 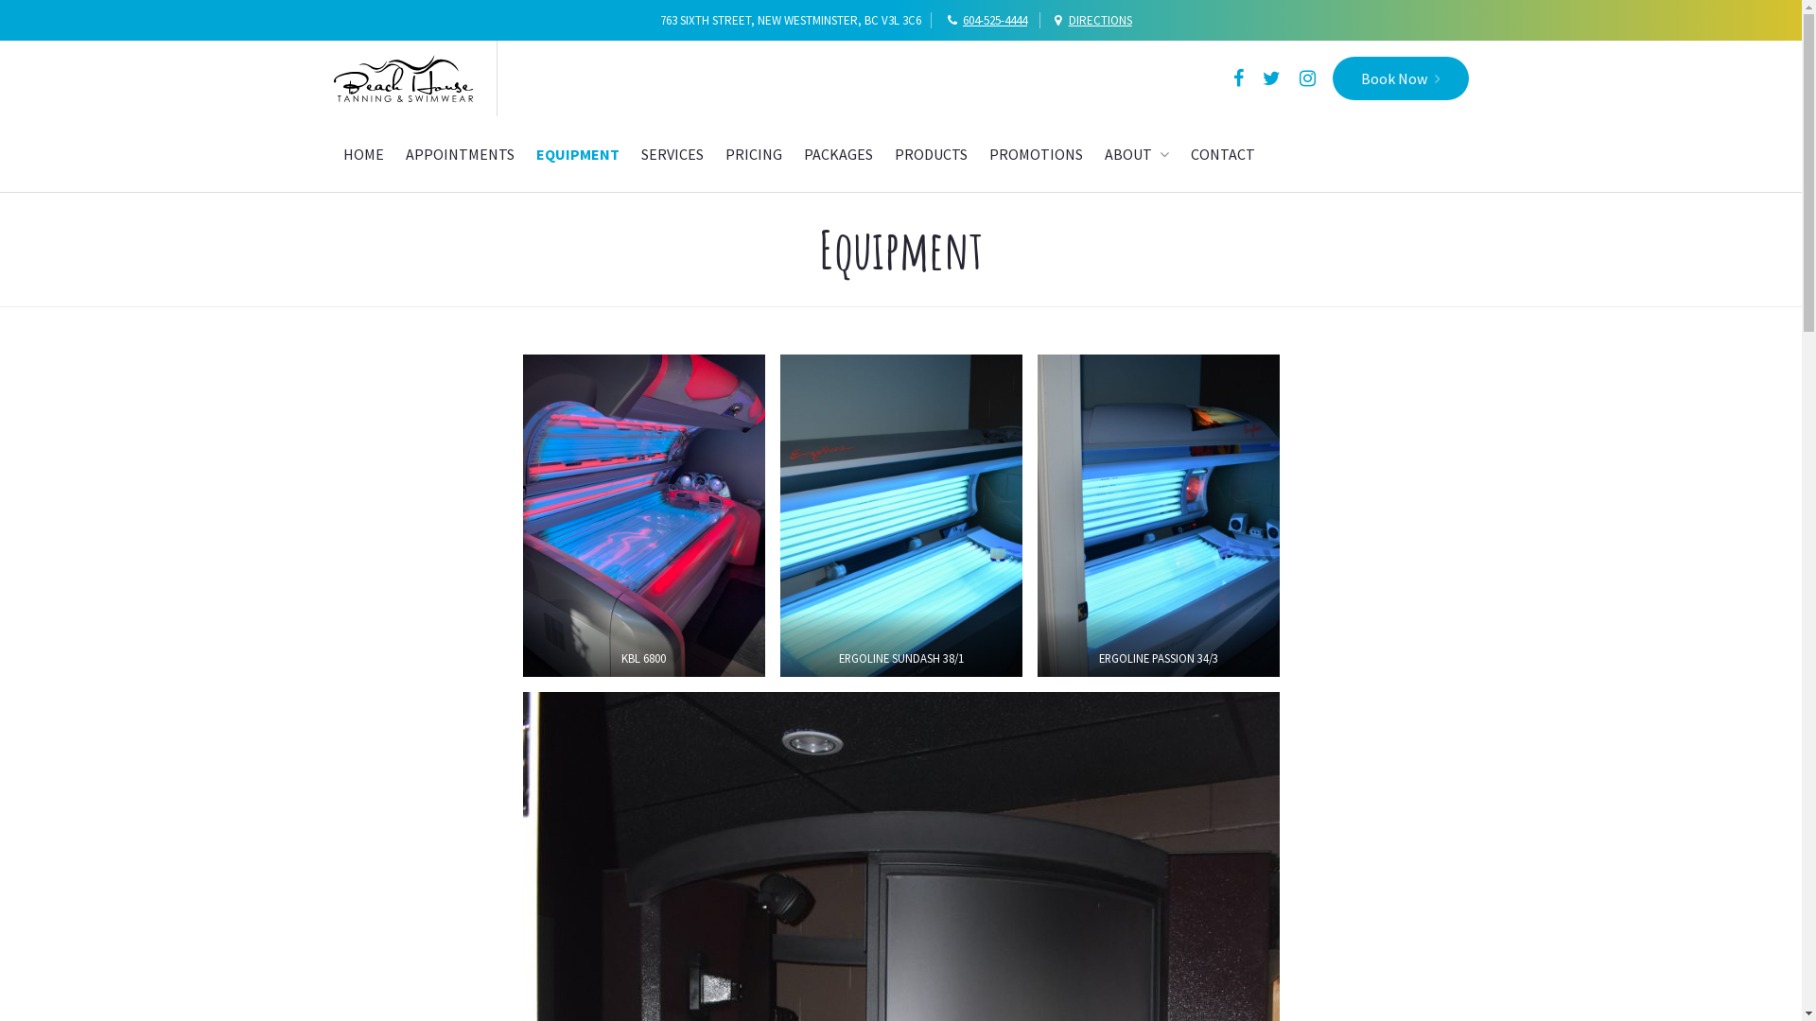 I want to click on 'HOME', so click(x=332, y=152).